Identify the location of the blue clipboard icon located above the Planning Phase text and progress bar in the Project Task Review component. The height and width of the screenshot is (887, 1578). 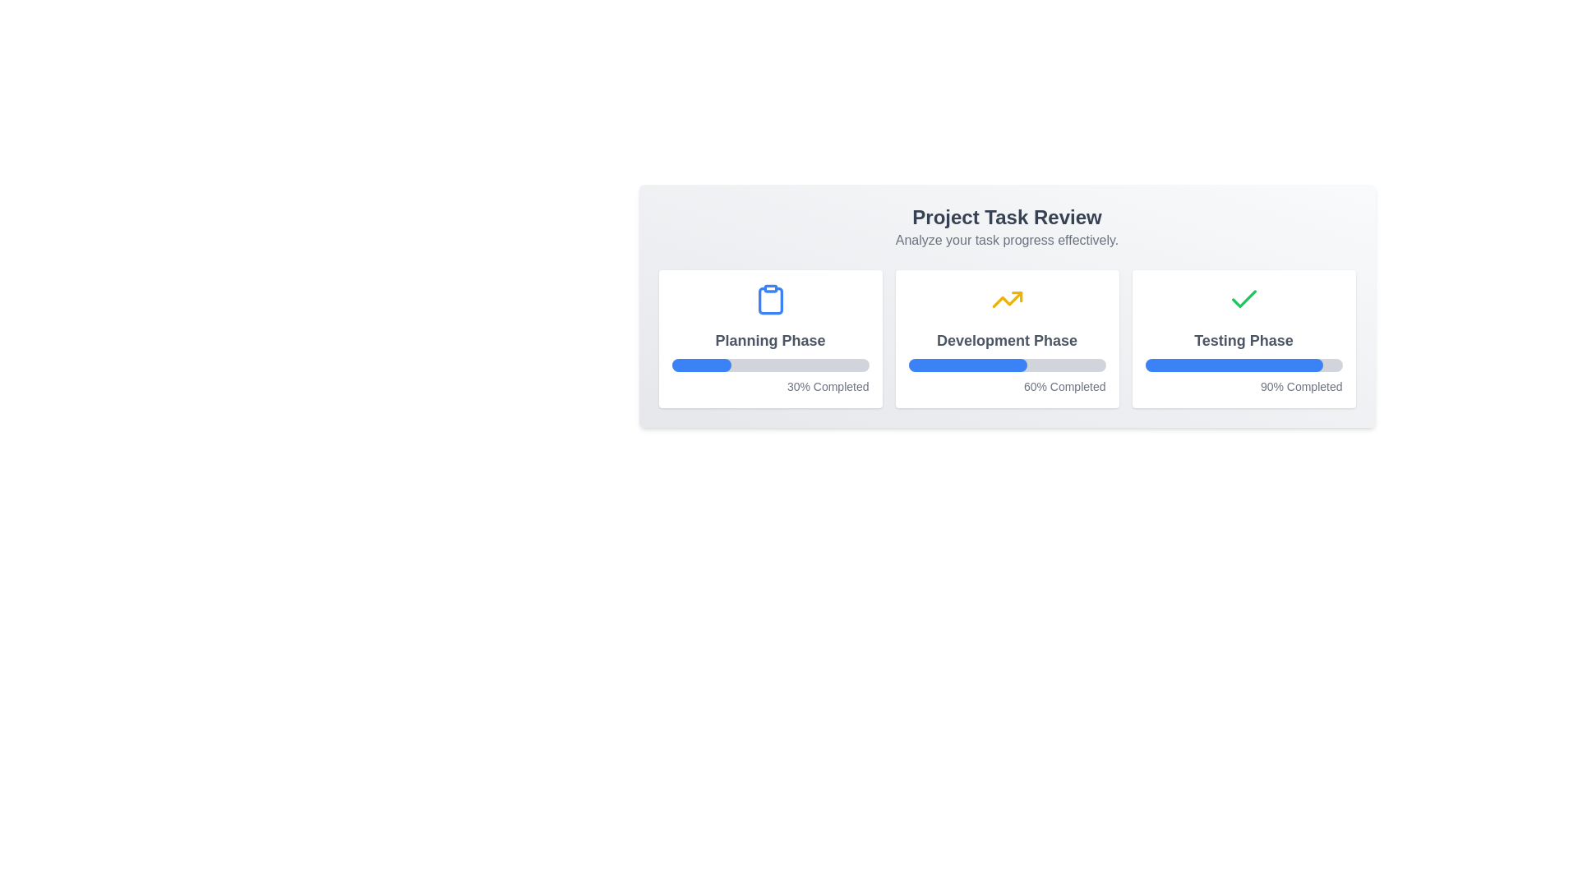
(769, 300).